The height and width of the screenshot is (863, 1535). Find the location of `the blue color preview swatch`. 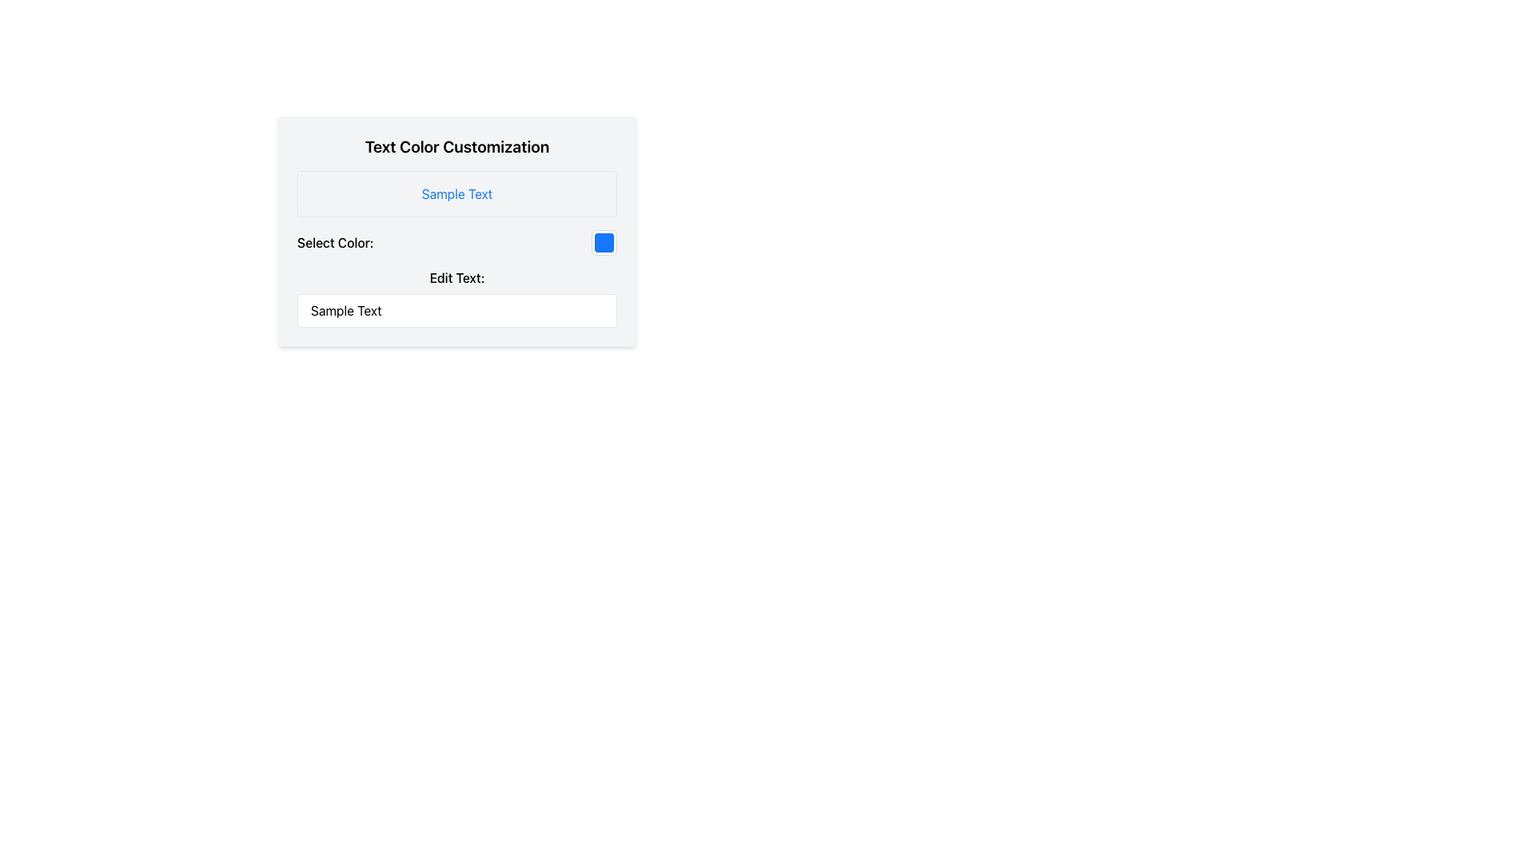

the blue color preview swatch is located at coordinates (603, 243).